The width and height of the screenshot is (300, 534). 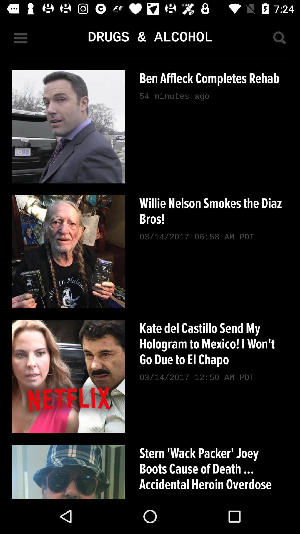 I want to click on zoom in, so click(x=279, y=38).